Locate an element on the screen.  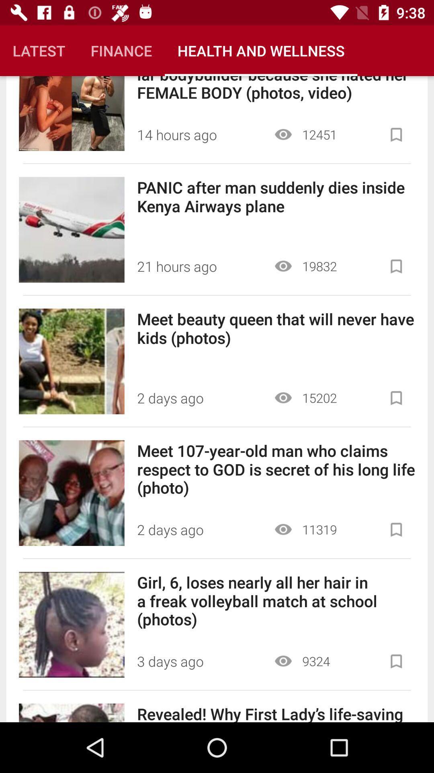
video as favorite is located at coordinates (396, 266).